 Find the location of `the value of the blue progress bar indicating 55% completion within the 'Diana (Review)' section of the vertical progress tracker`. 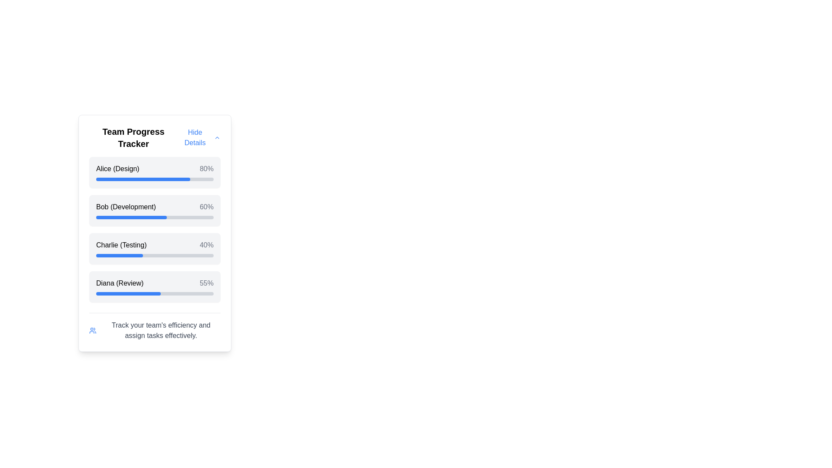

the value of the blue progress bar indicating 55% completion within the 'Diana (Review)' section of the vertical progress tracker is located at coordinates (128, 293).